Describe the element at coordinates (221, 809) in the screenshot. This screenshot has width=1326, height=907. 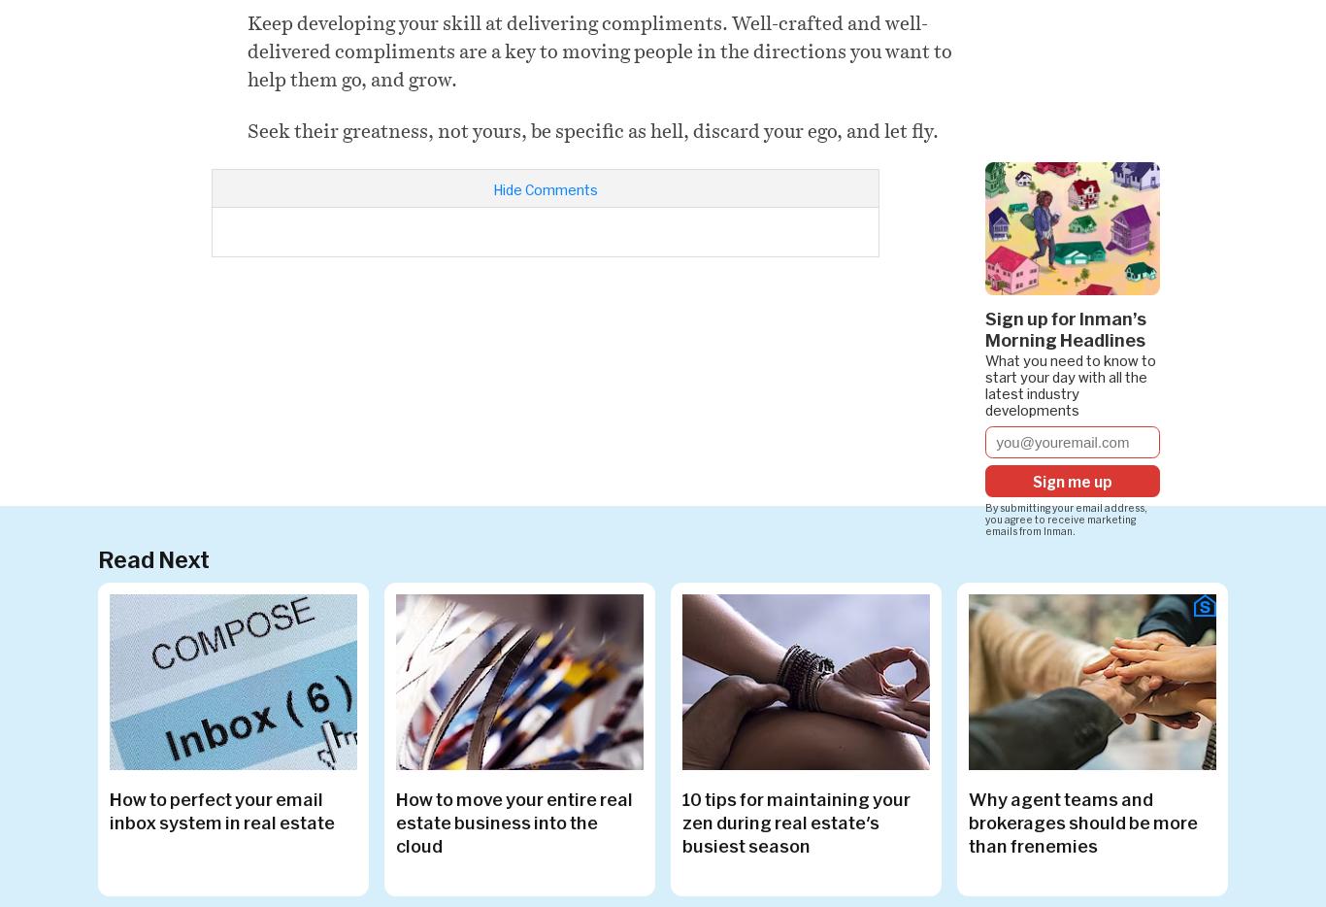
I see `'How to perfect your email inbox system in real estate'` at that location.